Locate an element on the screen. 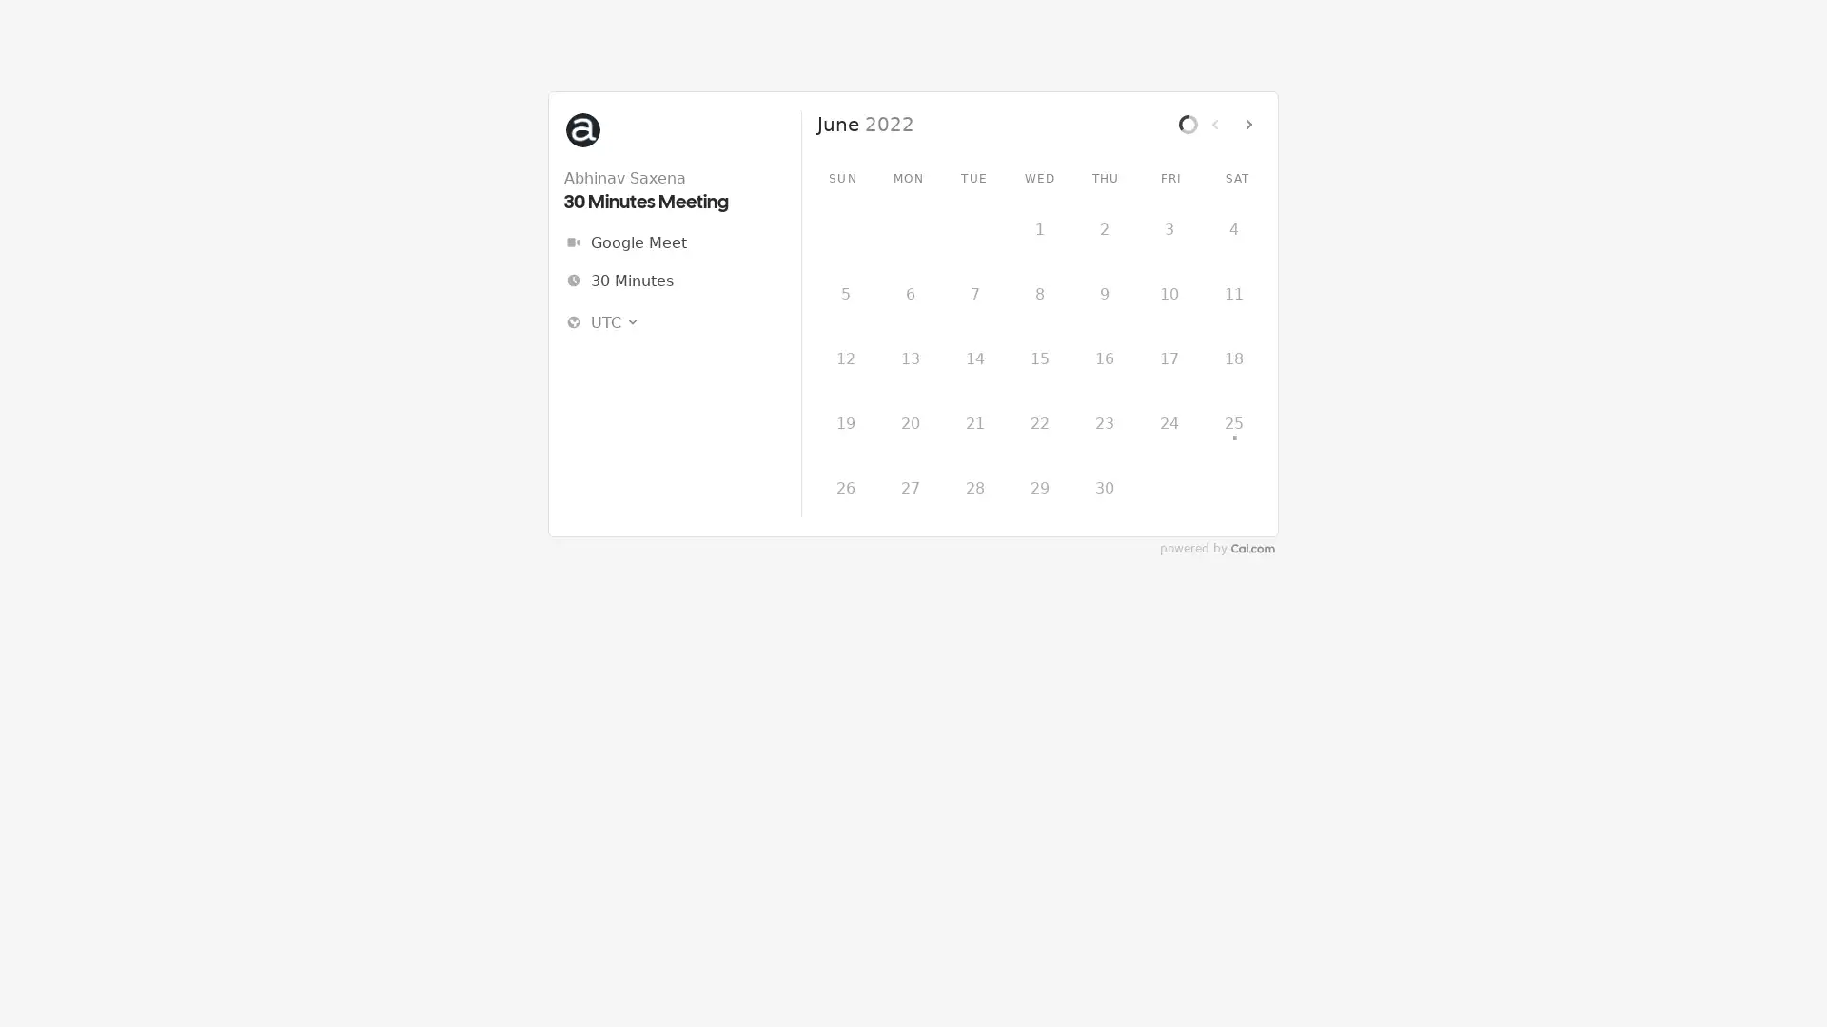 Image resolution: width=1827 pixels, height=1027 pixels. 25 . is located at coordinates (1233, 421).